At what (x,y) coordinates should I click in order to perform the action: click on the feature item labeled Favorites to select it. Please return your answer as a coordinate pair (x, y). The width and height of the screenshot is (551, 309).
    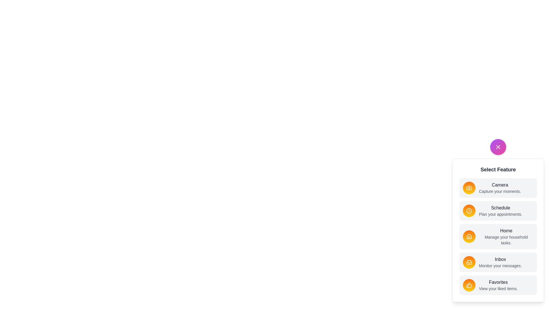
    Looking at the image, I should click on (498, 285).